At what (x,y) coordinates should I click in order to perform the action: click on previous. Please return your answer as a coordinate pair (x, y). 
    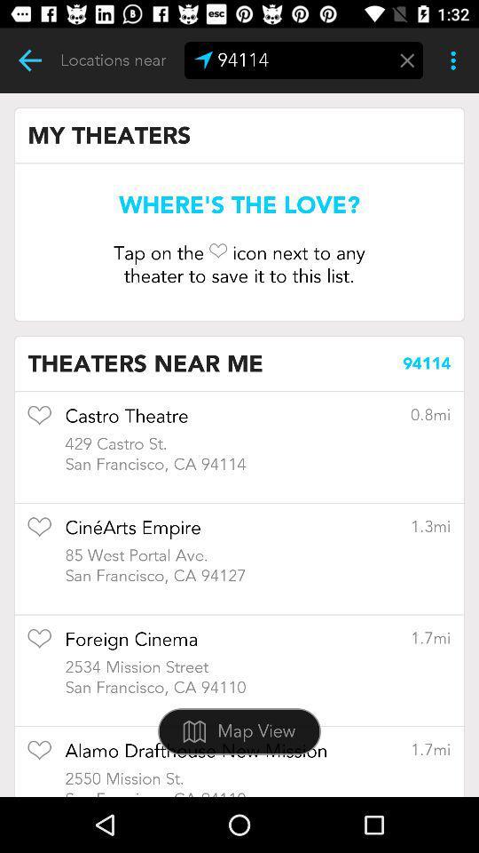
    Looking at the image, I should click on (29, 60).